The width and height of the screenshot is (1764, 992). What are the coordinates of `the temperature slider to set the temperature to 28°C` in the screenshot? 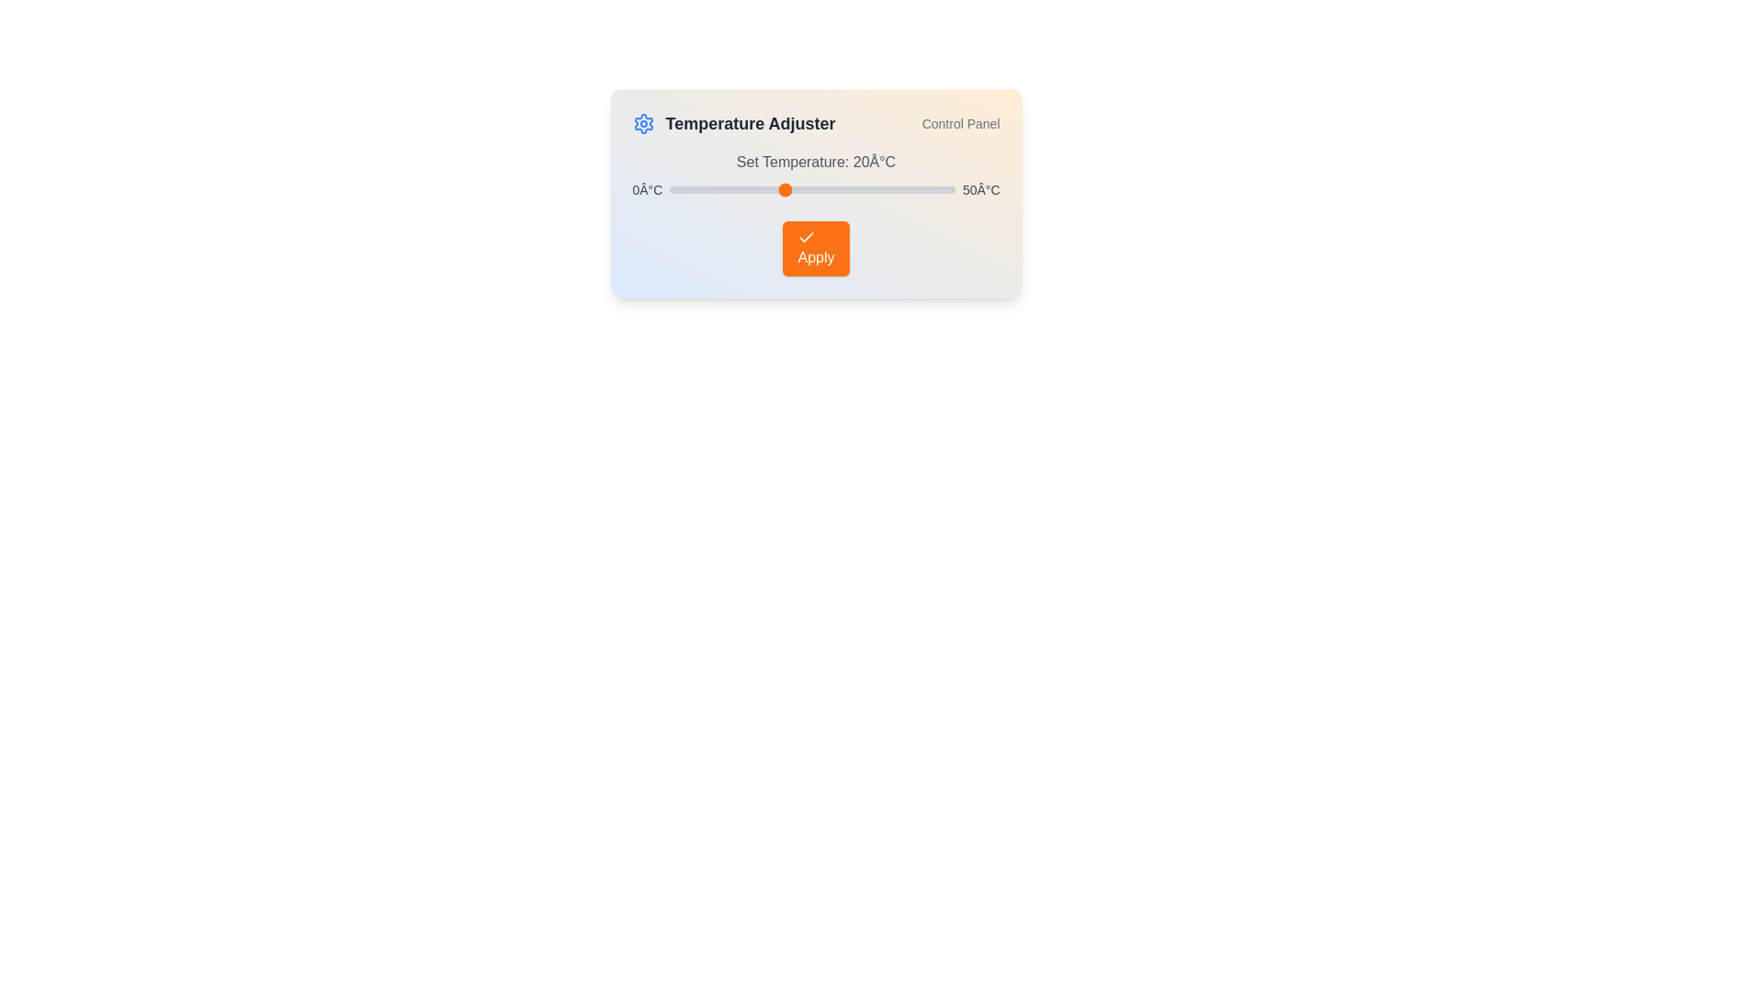 It's located at (829, 190).